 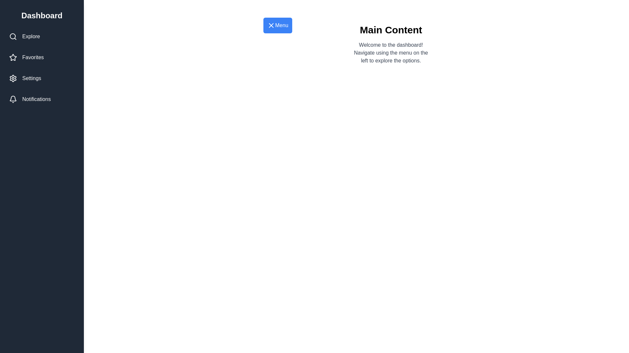 What do you see at coordinates (42, 99) in the screenshot?
I see `the notifications button located as the fourth item in the vertical sidebar menu, positioned directly below the Settings menu item, to provide visual feedback` at bounding box center [42, 99].